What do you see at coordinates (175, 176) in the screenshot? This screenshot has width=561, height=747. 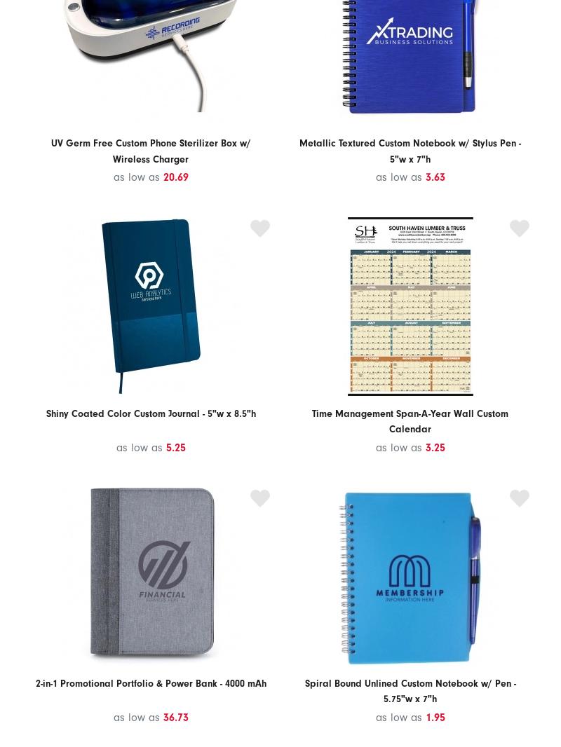 I see `'20.69'` at bounding box center [175, 176].